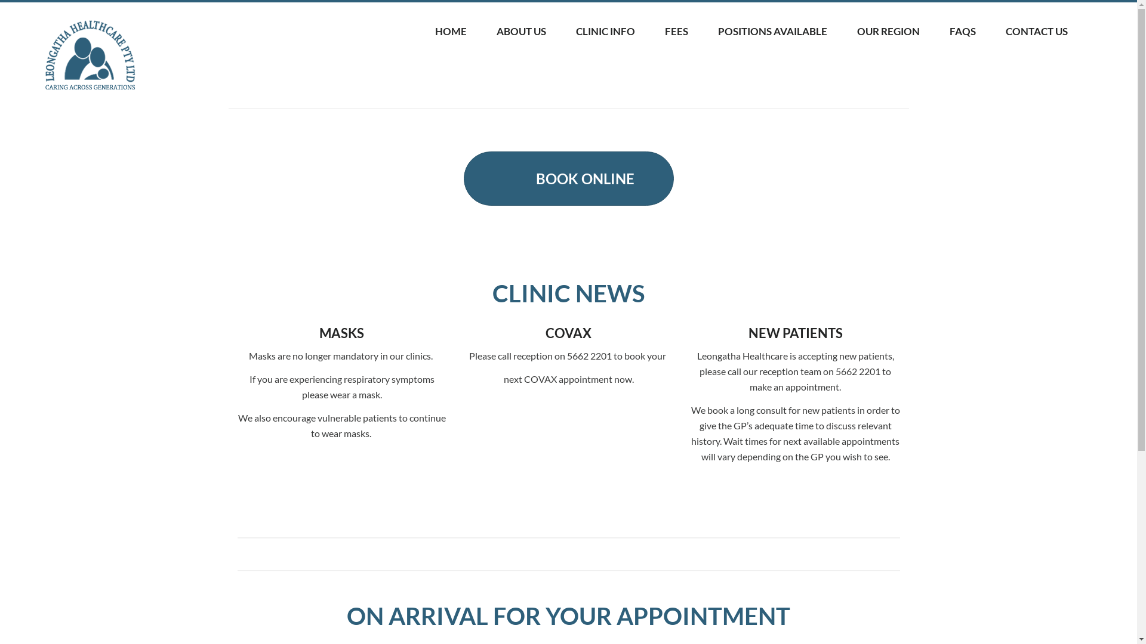  I want to click on 'OUR REGION', so click(888, 31).